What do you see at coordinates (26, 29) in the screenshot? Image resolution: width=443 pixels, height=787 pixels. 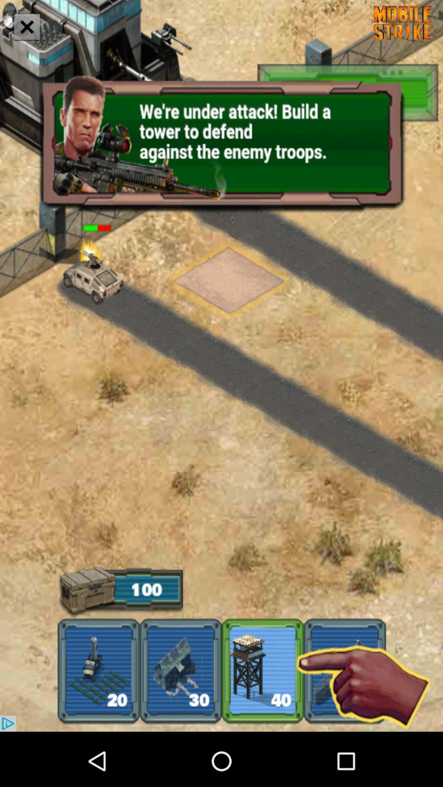 I see `the close icon` at bounding box center [26, 29].